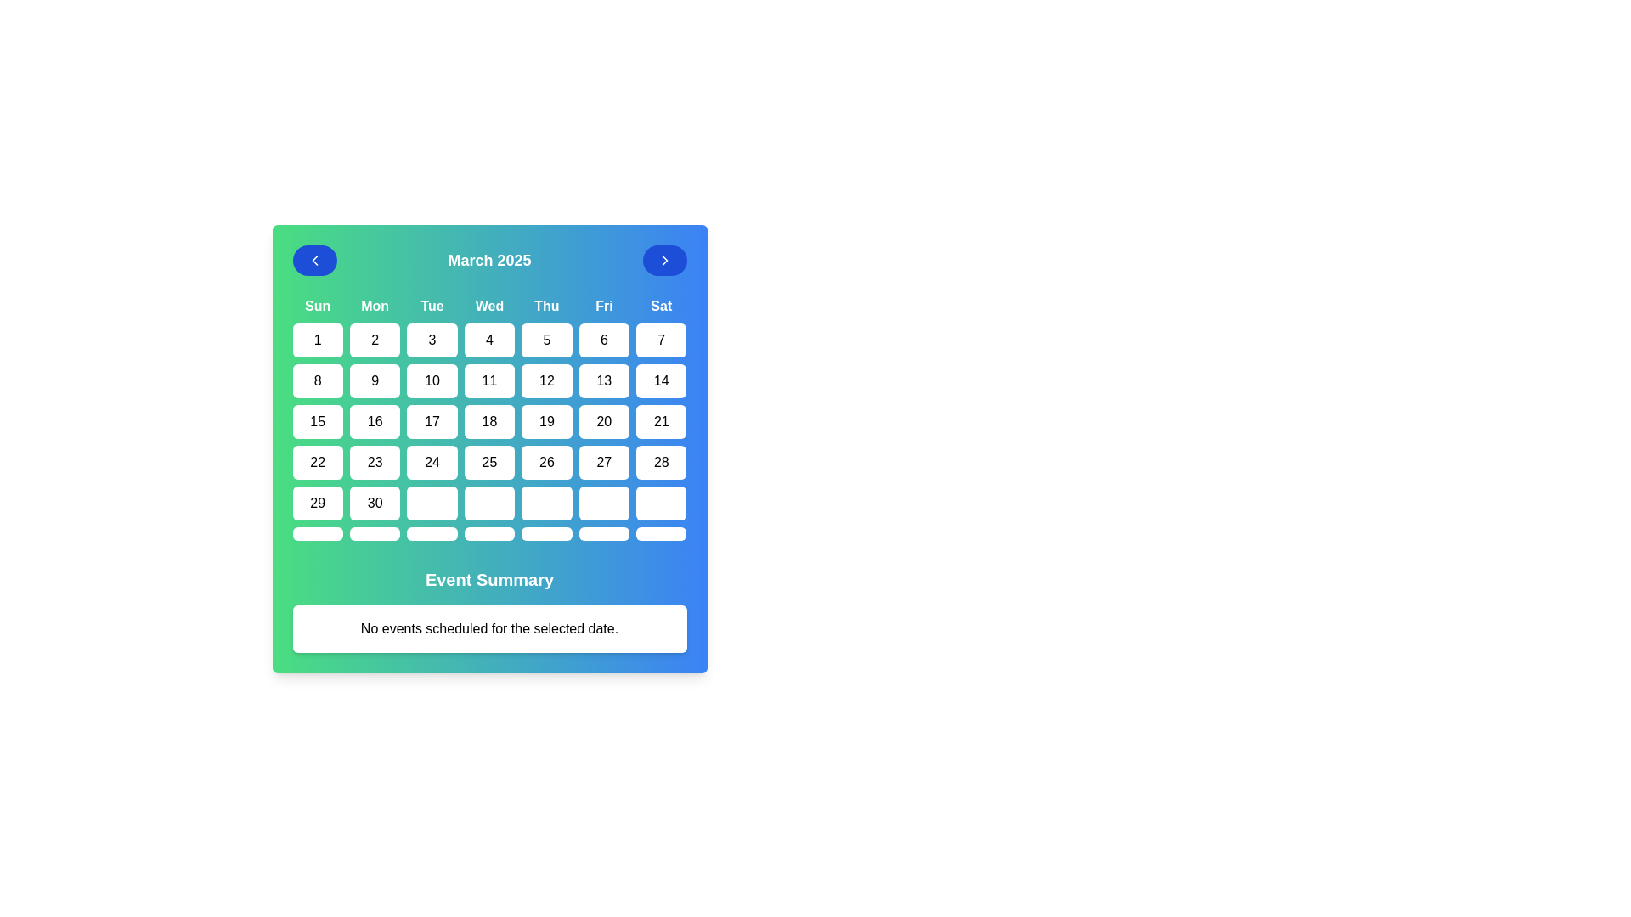 The image size is (1631, 917). I want to click on the button representing the 17th day in the monthly calendar view, so click(432, 421).